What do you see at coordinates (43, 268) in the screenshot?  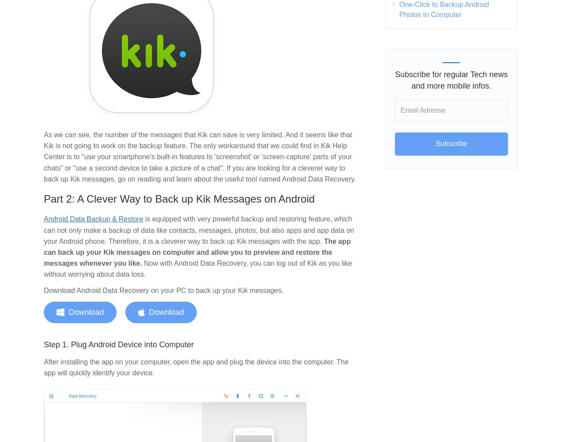 I see `'Now with Android Data Recovery, you can log out of Kik as you like without worrying about data loss.'` at bounding box center [43, 268].